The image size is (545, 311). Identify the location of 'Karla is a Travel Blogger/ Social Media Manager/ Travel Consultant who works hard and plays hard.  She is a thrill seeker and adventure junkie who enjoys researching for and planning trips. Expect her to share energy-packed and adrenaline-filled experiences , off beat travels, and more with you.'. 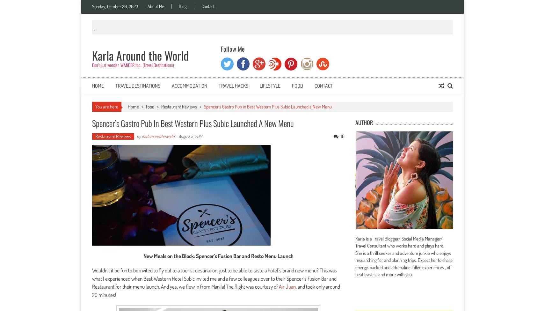
(403, 256).